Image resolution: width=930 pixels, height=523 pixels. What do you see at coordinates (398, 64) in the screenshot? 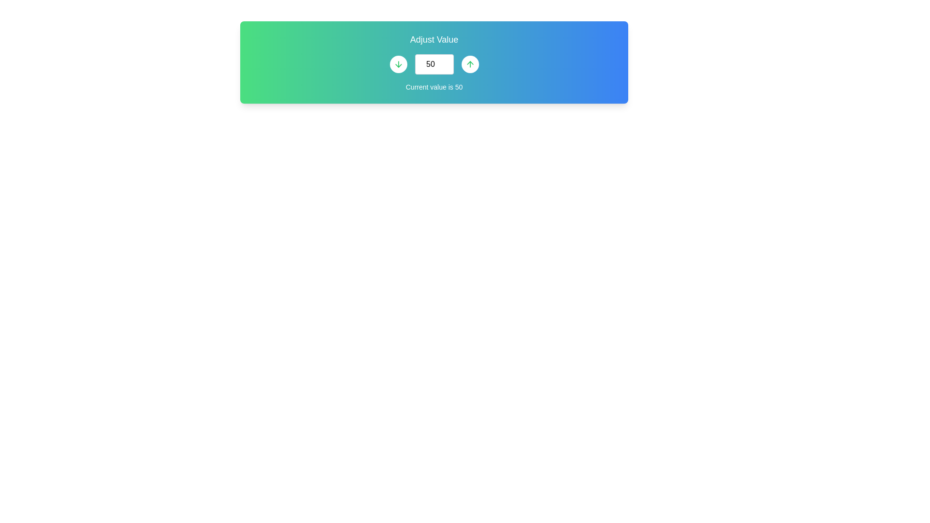
I see `the decrement button located to the right of the text field displaying '50' to decrease the value` at bounding box center [398, 64].